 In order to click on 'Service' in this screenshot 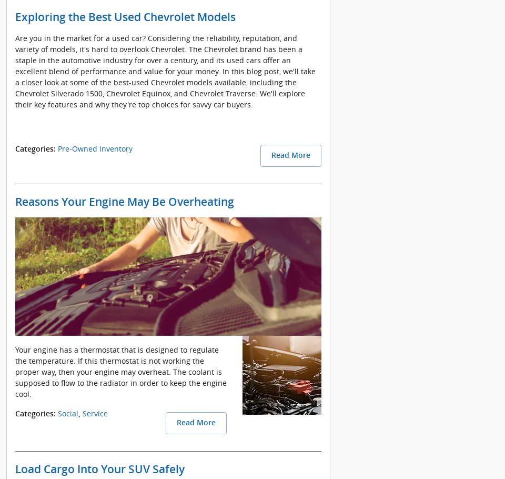, I will do `click(82, 413)`.